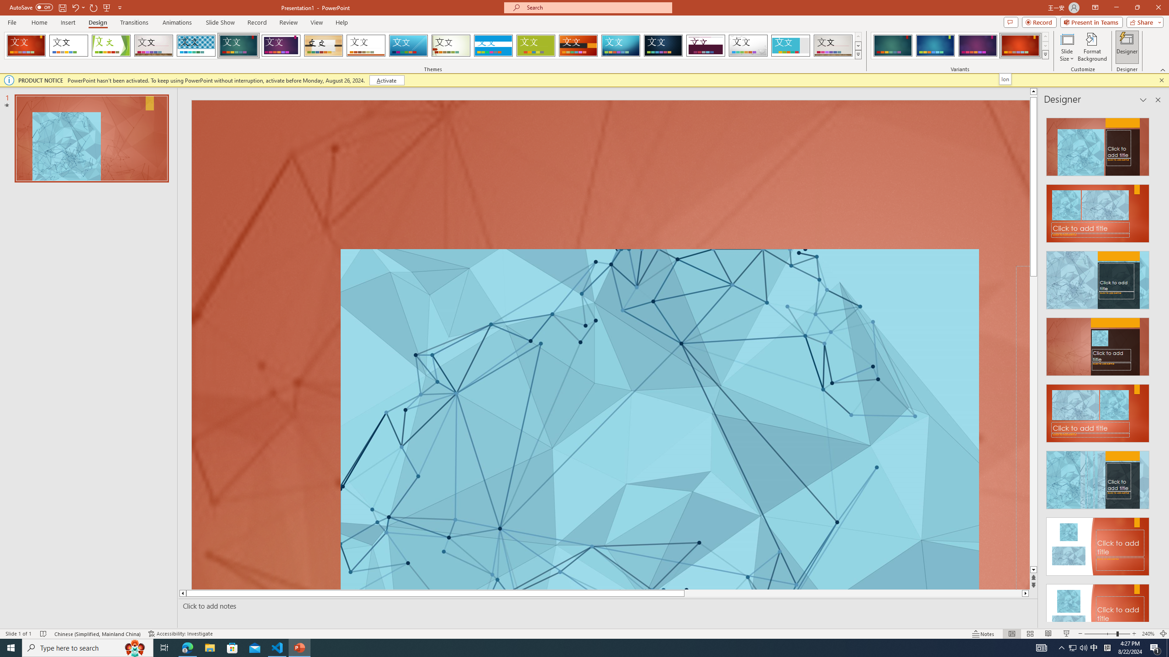 This screenshot has height=657, width=1169. Describe the element at coordinates (977, 45) in the screenshot. I see `'Ion Variant 3'` at that location.